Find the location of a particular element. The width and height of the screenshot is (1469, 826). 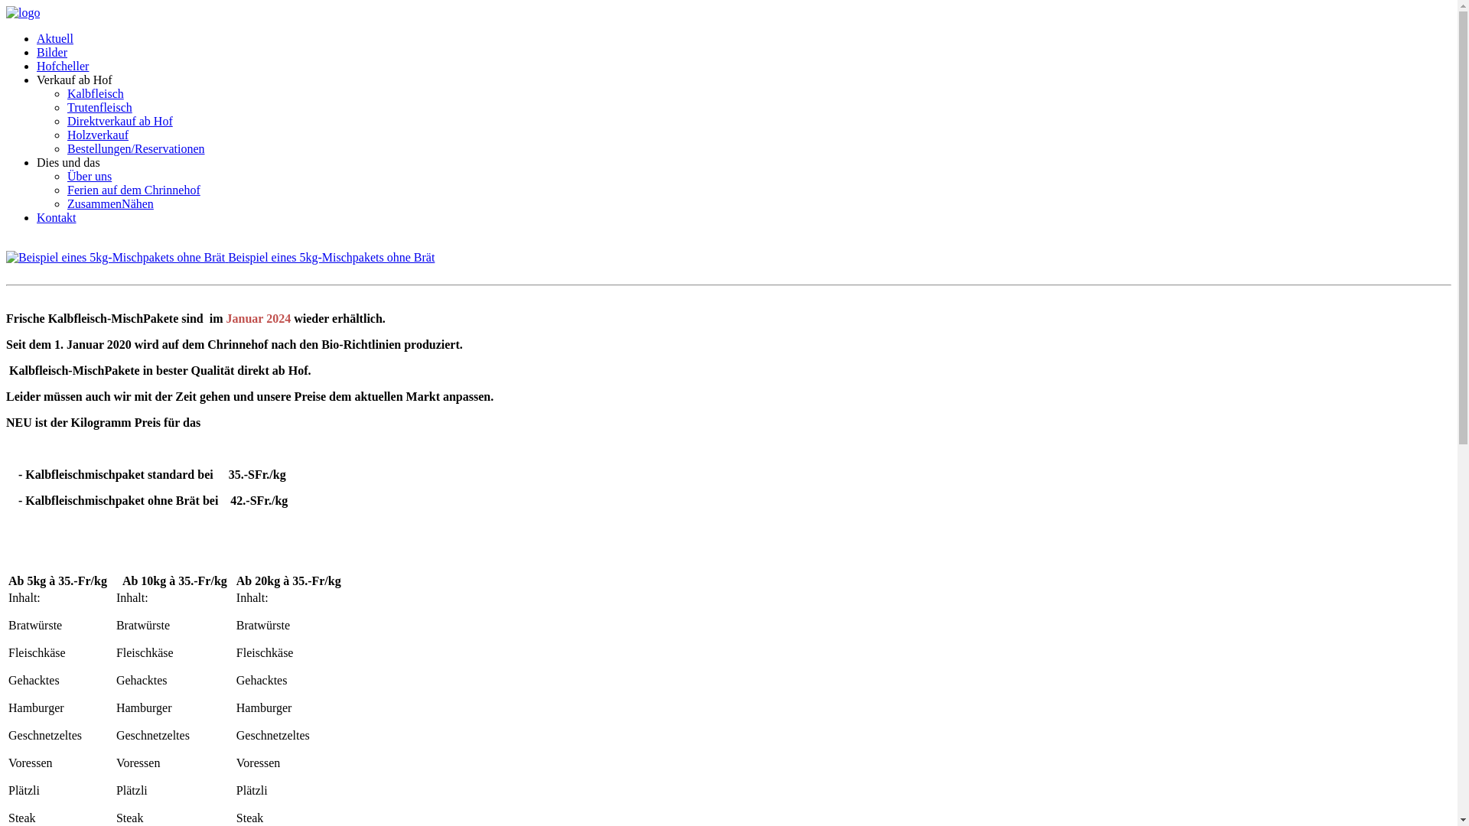

'Bilder' is located at coordinates (51, 51).